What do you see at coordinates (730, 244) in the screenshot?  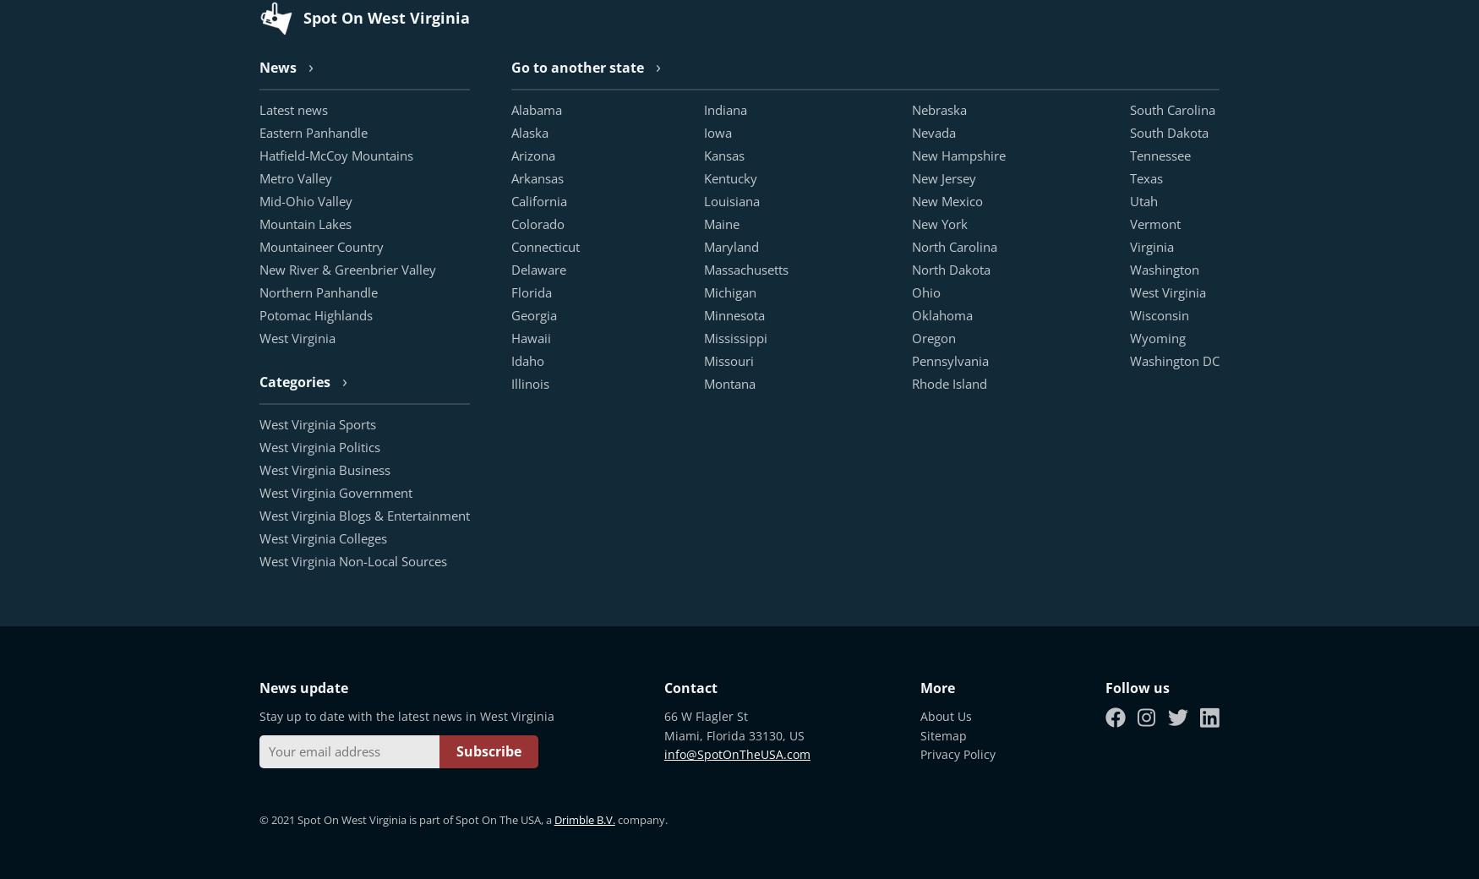 I see `'Maryland'` at bounding box center [730, 244].